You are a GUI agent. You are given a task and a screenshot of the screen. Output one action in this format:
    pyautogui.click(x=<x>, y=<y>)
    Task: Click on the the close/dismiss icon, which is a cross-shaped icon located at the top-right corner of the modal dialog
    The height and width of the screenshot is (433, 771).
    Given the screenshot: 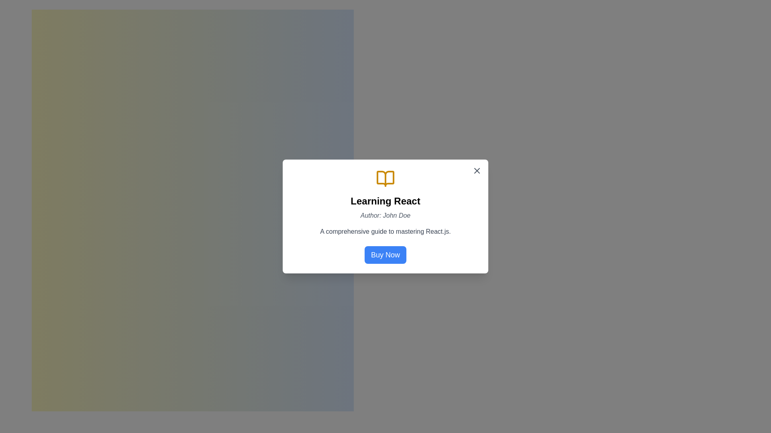 What is the action you would take?
    pyautogui.click(x=477, y=170)
    